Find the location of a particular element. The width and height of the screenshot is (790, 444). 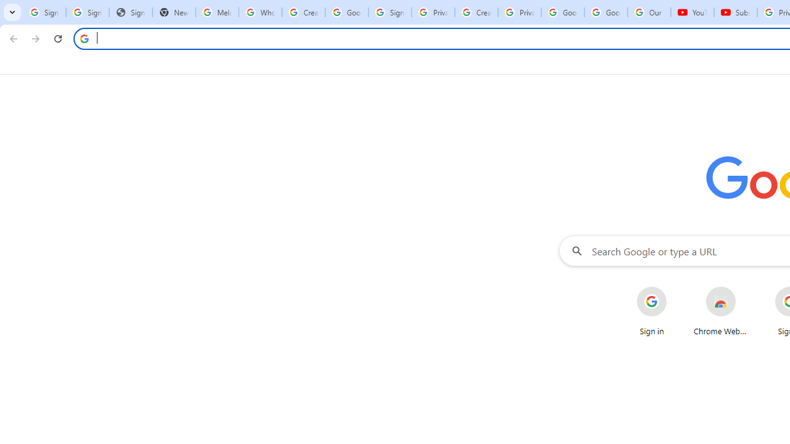

'Sign in - Google Accounts' is located at coordinates (389, 12).